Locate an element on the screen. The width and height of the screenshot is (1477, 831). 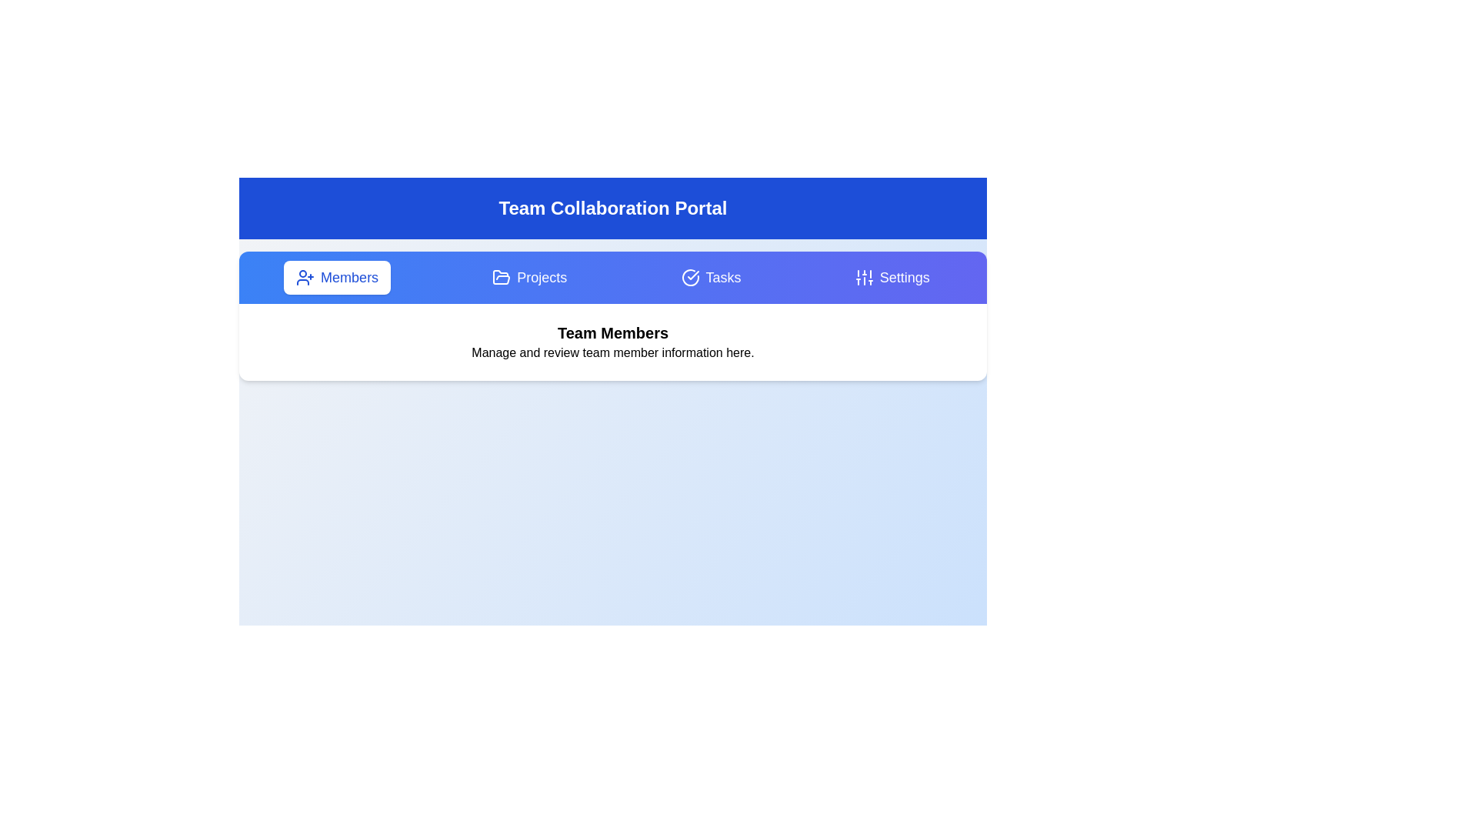
the 'Projects' icon located on the horizontal navigation bar at the top of the interface is located at coordinates (502, 275).